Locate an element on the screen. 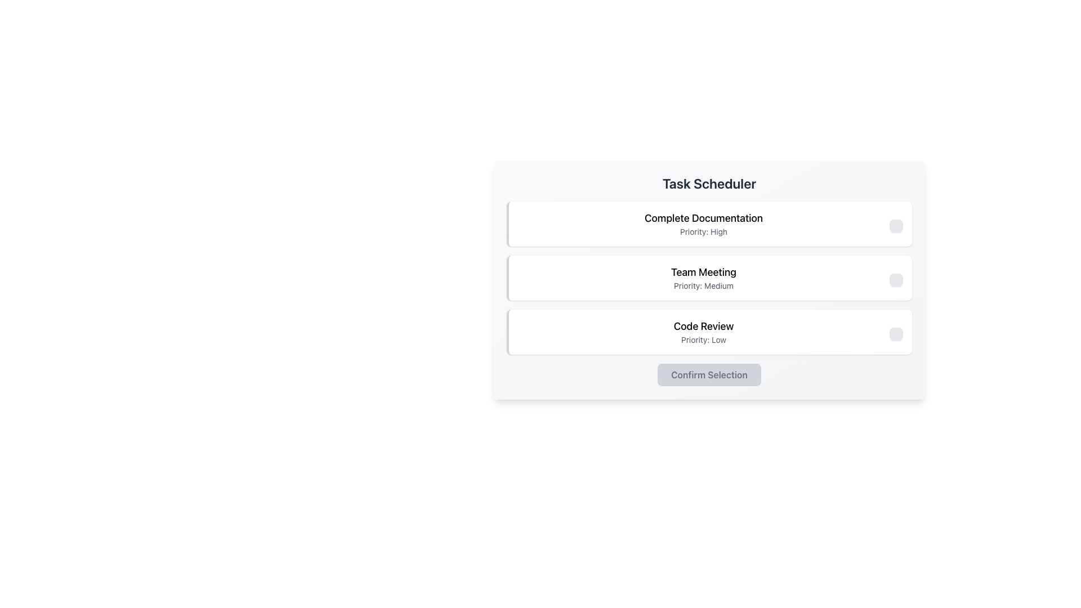 This screenshot has width=1081, height=608. the 'Team Meeting' informational text block, which features a large, bold title and a smaller gray subtitle, located as the second item in a vertical list under 'Task Scheduler.' is located at coordinates (703, 278).